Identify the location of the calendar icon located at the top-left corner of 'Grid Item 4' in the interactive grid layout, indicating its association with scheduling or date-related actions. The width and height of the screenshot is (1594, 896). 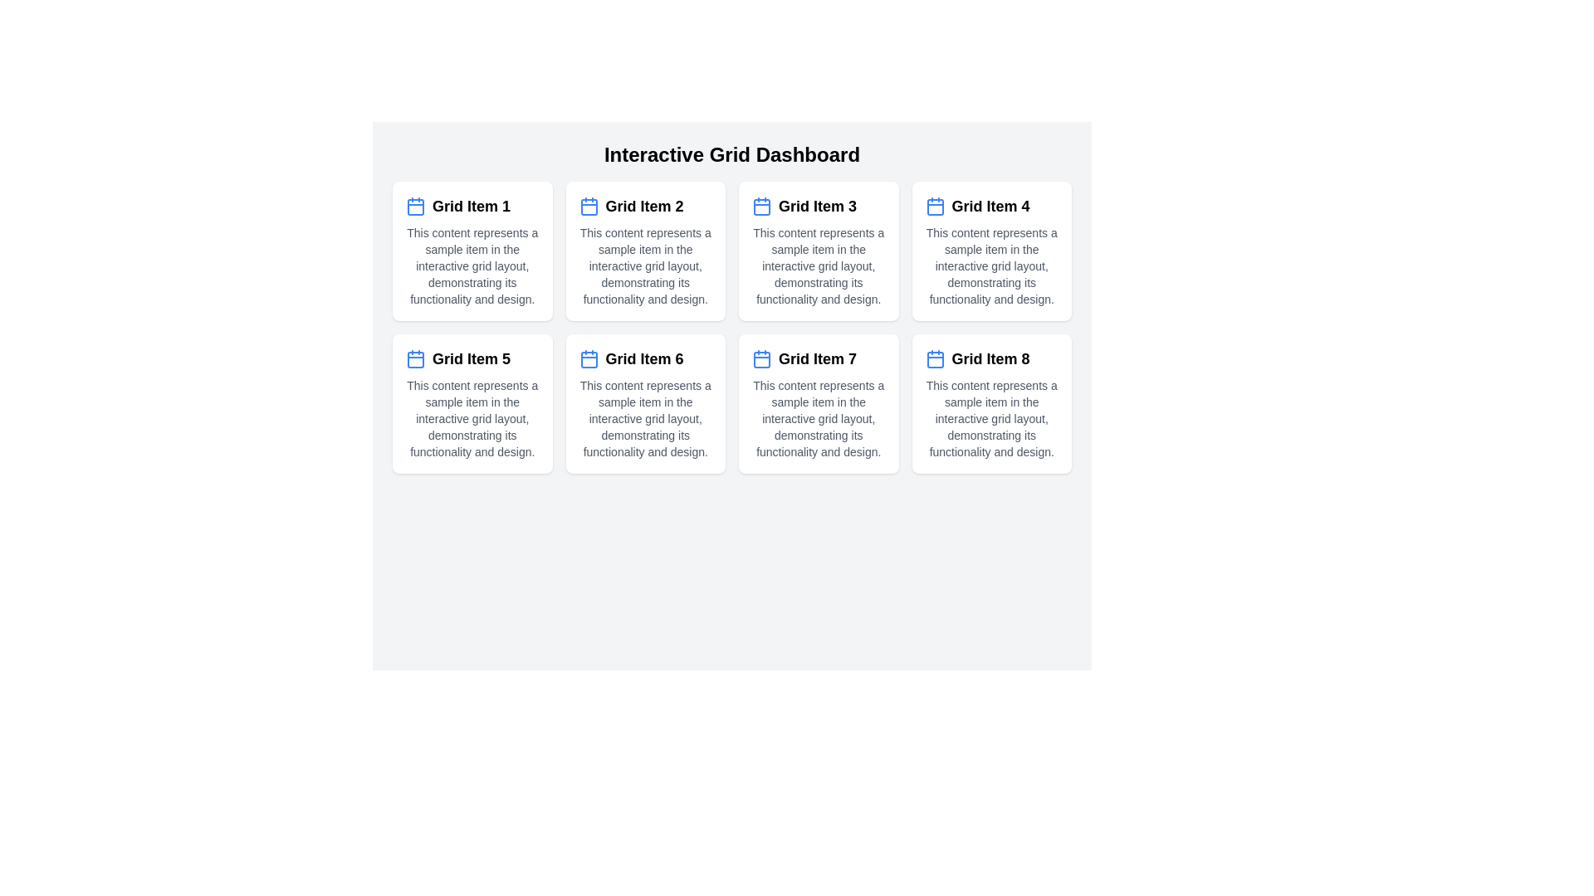
(935, 206).